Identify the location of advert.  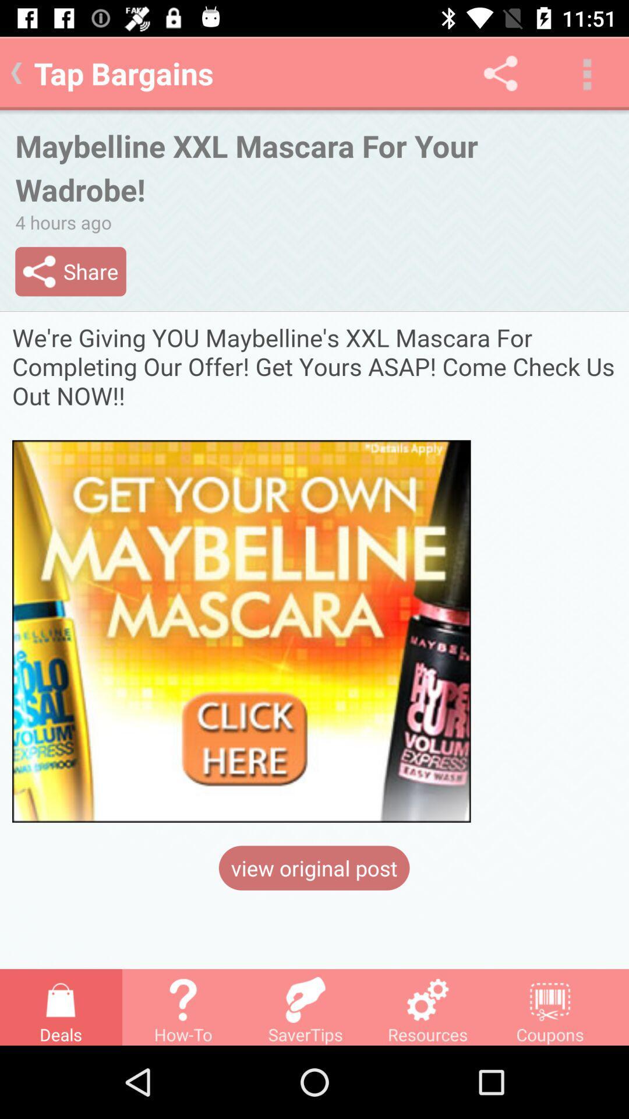
(314, 573).